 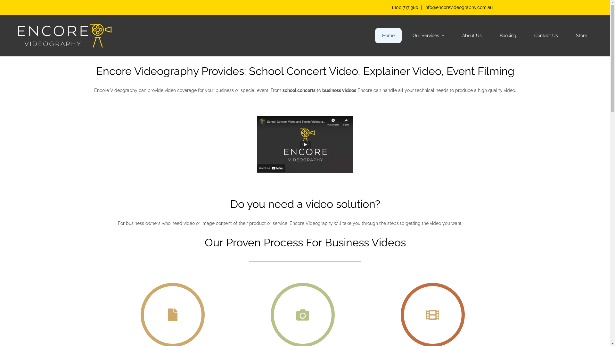 I want to click on 'Store', so click(x=569, y=36).